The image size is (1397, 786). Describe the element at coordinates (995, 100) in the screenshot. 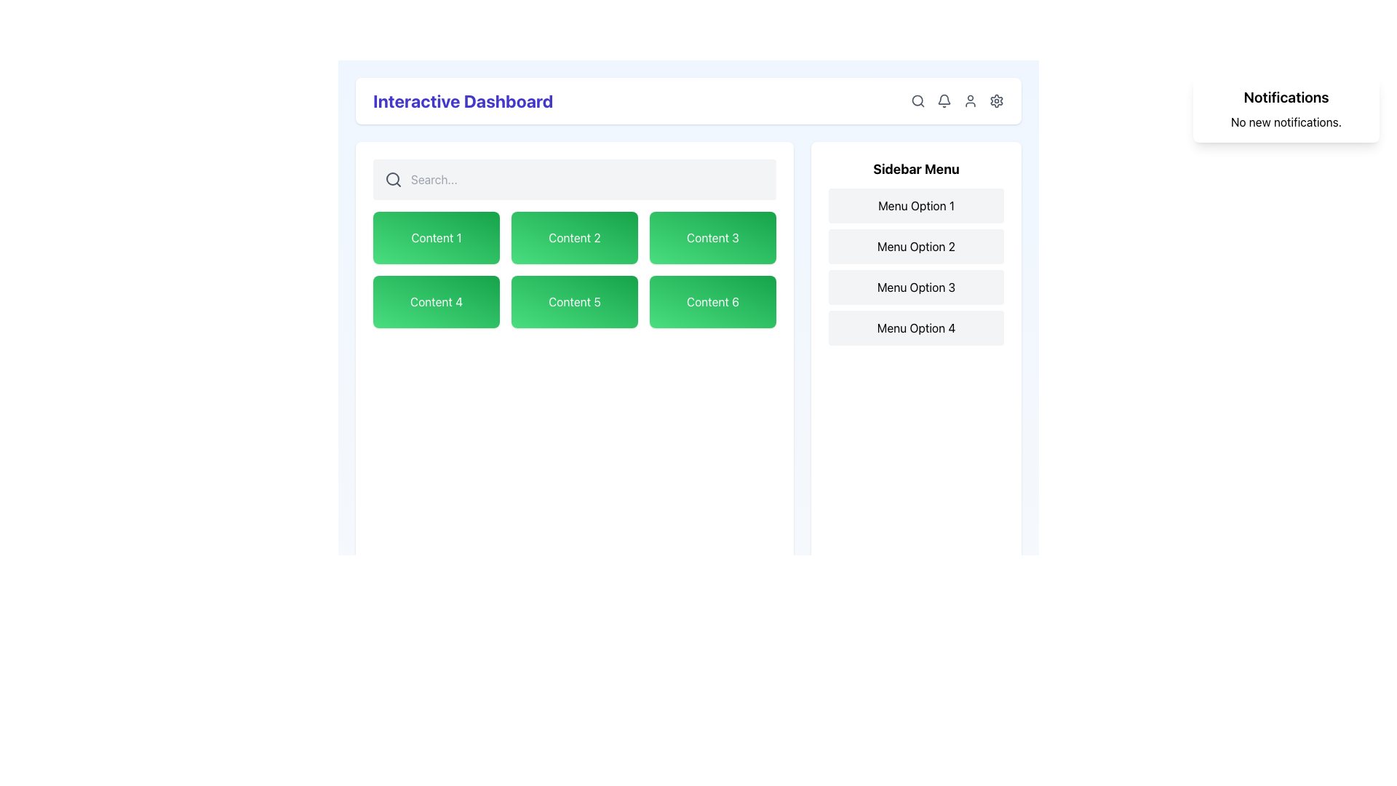

I see `the gear-shaped settings icon located in the top-right corner of the interface` at that location.